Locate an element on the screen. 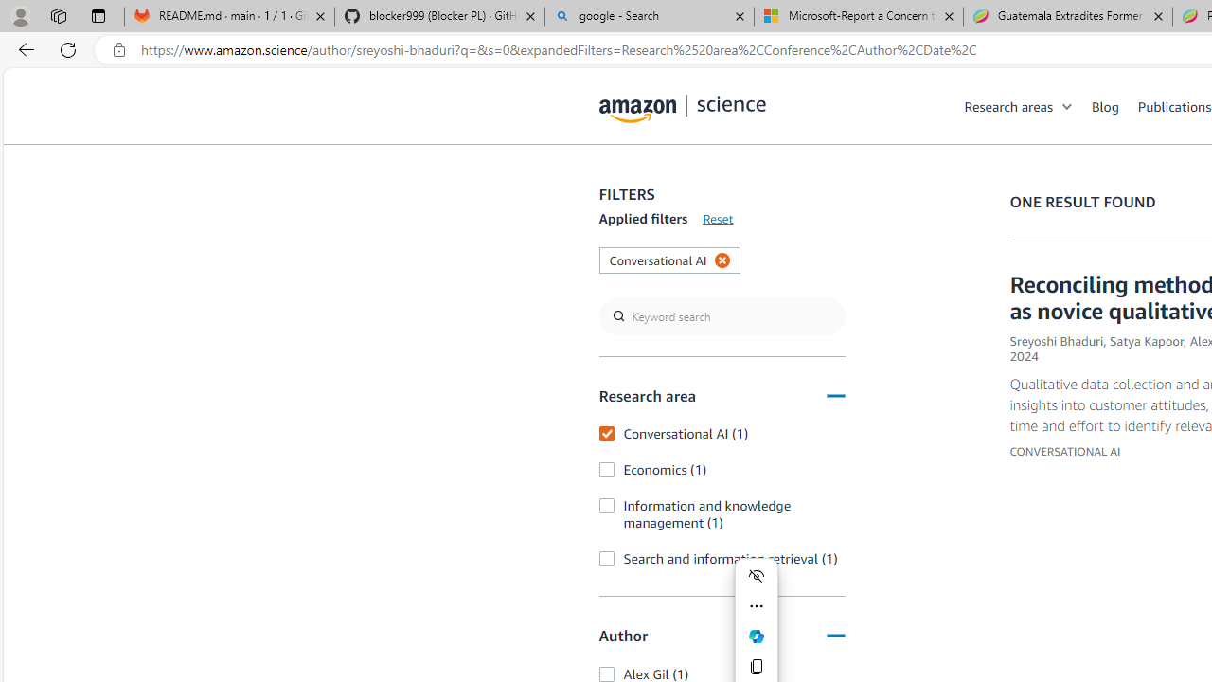 The height and width of the screenshot is (682, 1212). 'Satya Kapoor' is located at coordinates (1145, 341).